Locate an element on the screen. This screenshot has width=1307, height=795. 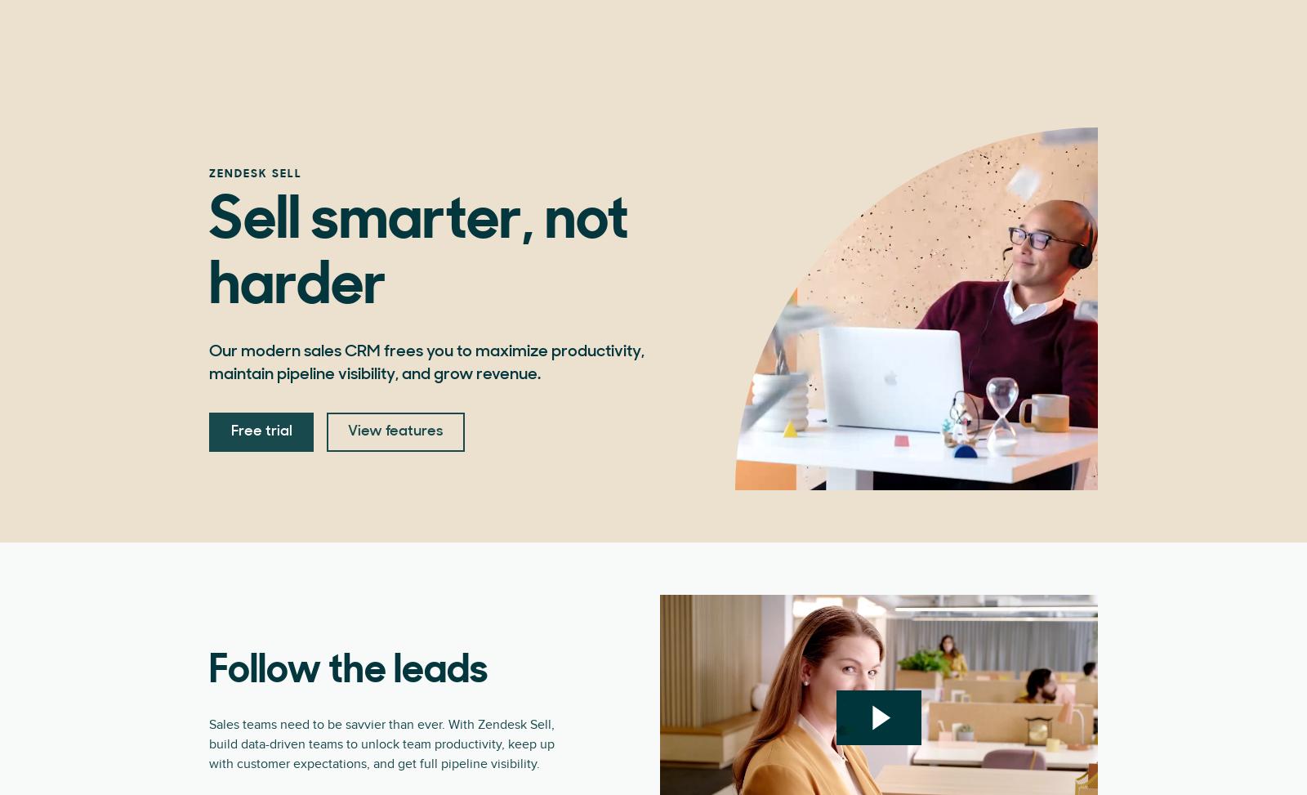
'Resources' is located at coordinates (935, 32).